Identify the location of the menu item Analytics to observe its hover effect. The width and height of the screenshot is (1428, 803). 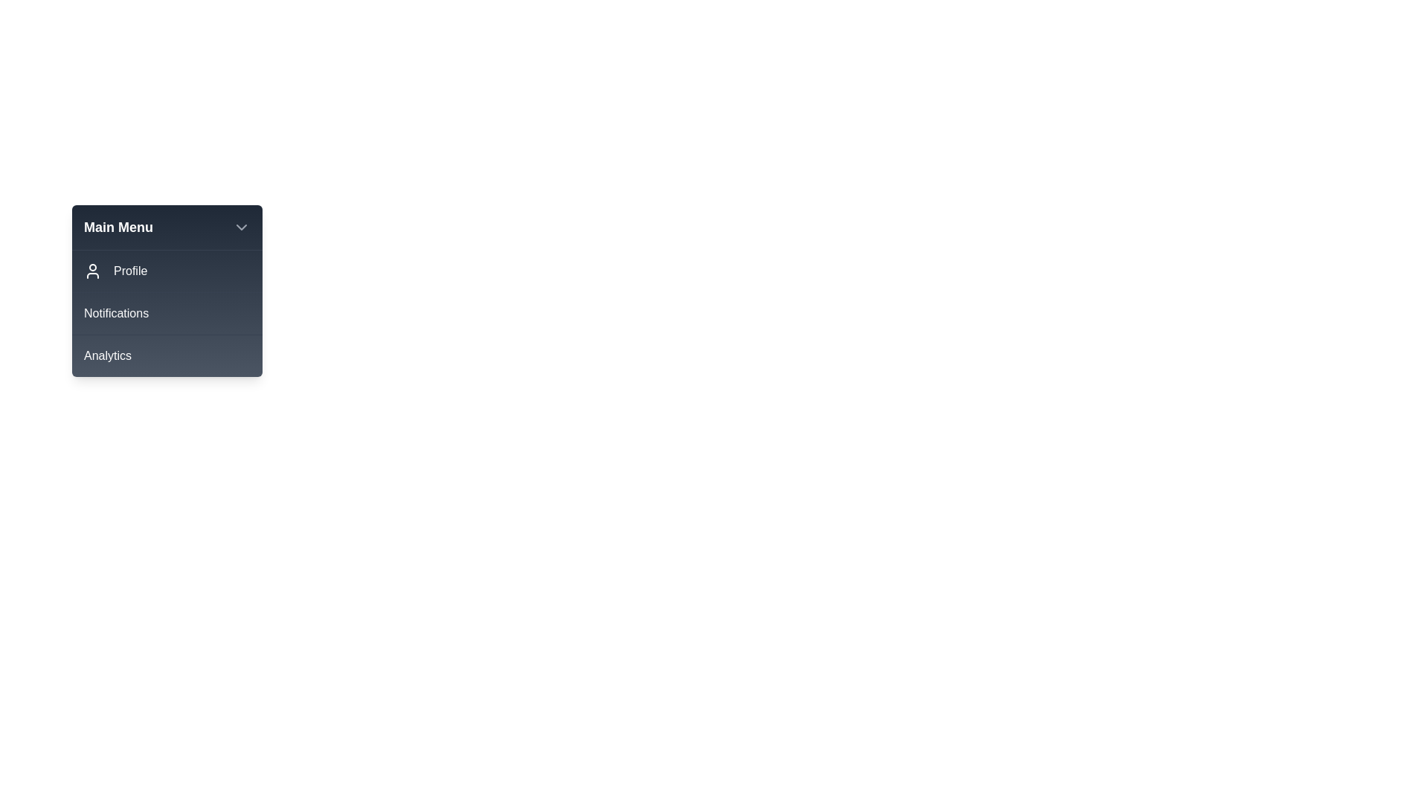
(167, 355).